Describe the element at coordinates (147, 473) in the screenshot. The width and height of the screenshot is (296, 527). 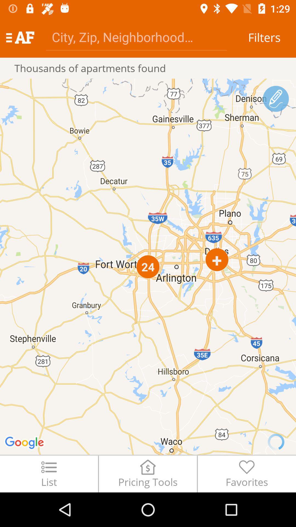
I see `the item next to list icon` at that location.